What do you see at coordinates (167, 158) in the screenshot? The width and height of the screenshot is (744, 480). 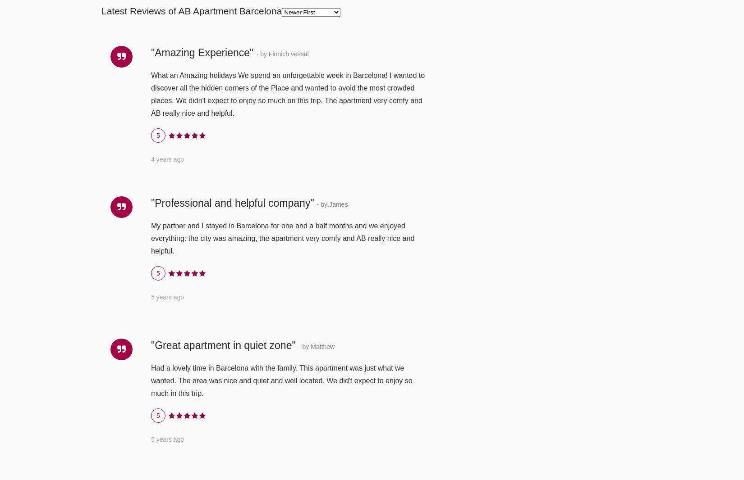 I see `'4 years ago'` at bounding box center [167, 158].